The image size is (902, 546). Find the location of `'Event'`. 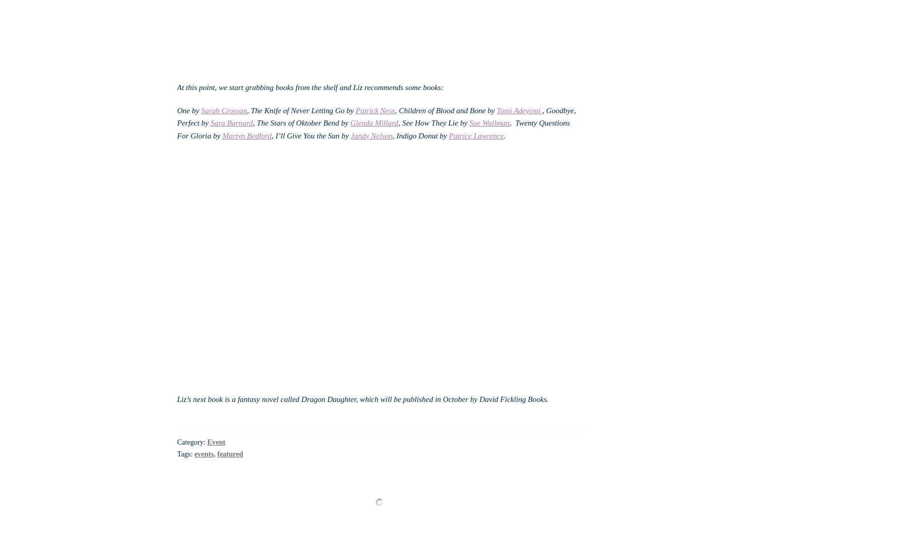

'Event' is located at coordinates (215, 442).